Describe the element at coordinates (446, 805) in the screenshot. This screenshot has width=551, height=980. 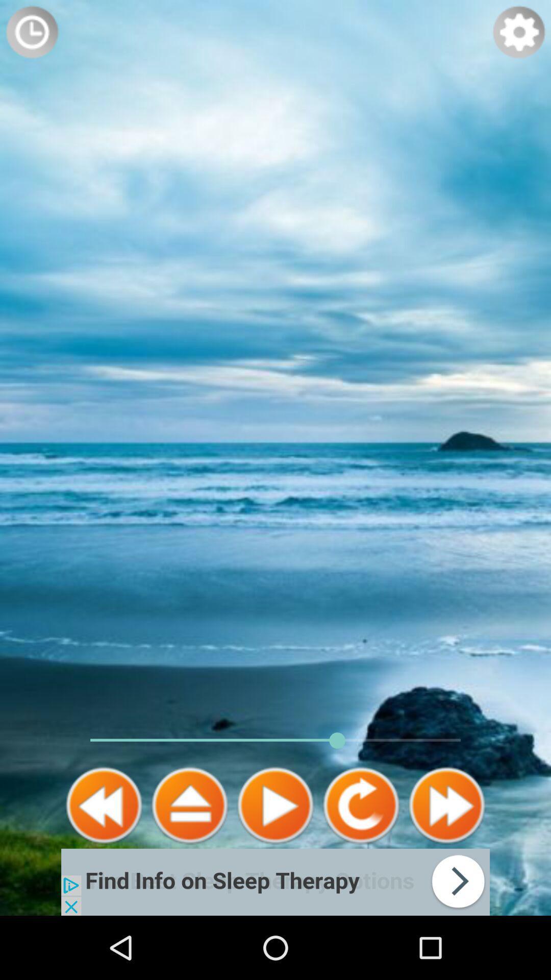
I see `fast forward` at that location.